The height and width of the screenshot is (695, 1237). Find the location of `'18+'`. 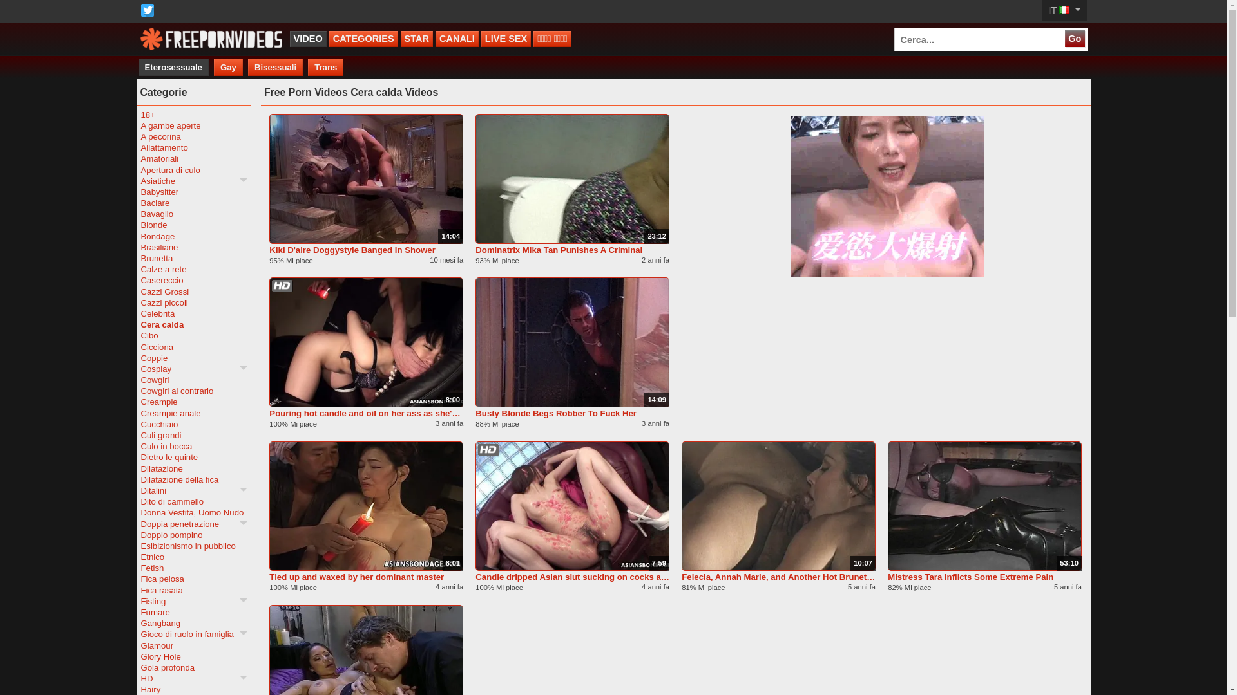

'18+' is located at coordinates (193, 114).